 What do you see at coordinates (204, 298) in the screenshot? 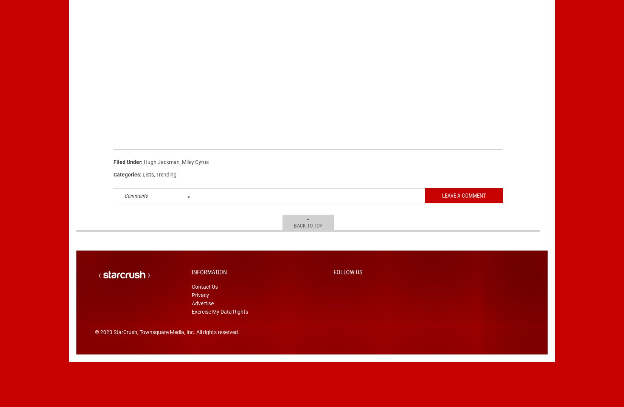
I see `'Contact Us'` at bounding box center [204, 298].